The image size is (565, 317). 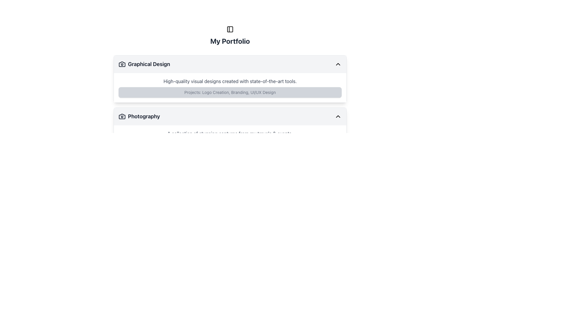 I want to click on the upward-pointing arrow icon located at the far-right of the 'Photography' section, so click(x=338, y=117).